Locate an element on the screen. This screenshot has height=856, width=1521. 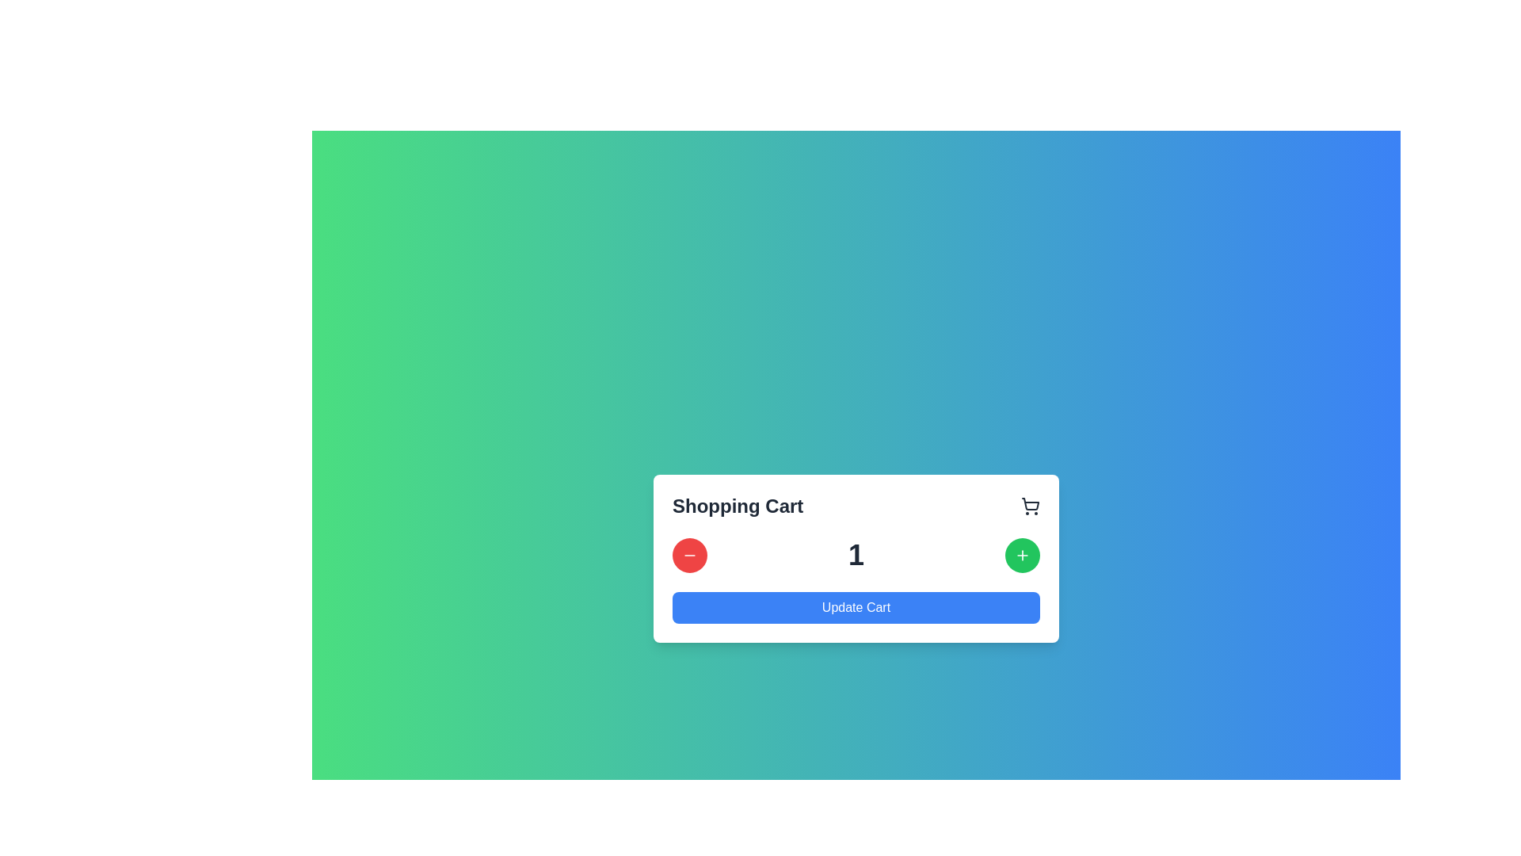
the leftmost button in the quantity control area of the shopping cart interface is located at coordinates (689, 555).